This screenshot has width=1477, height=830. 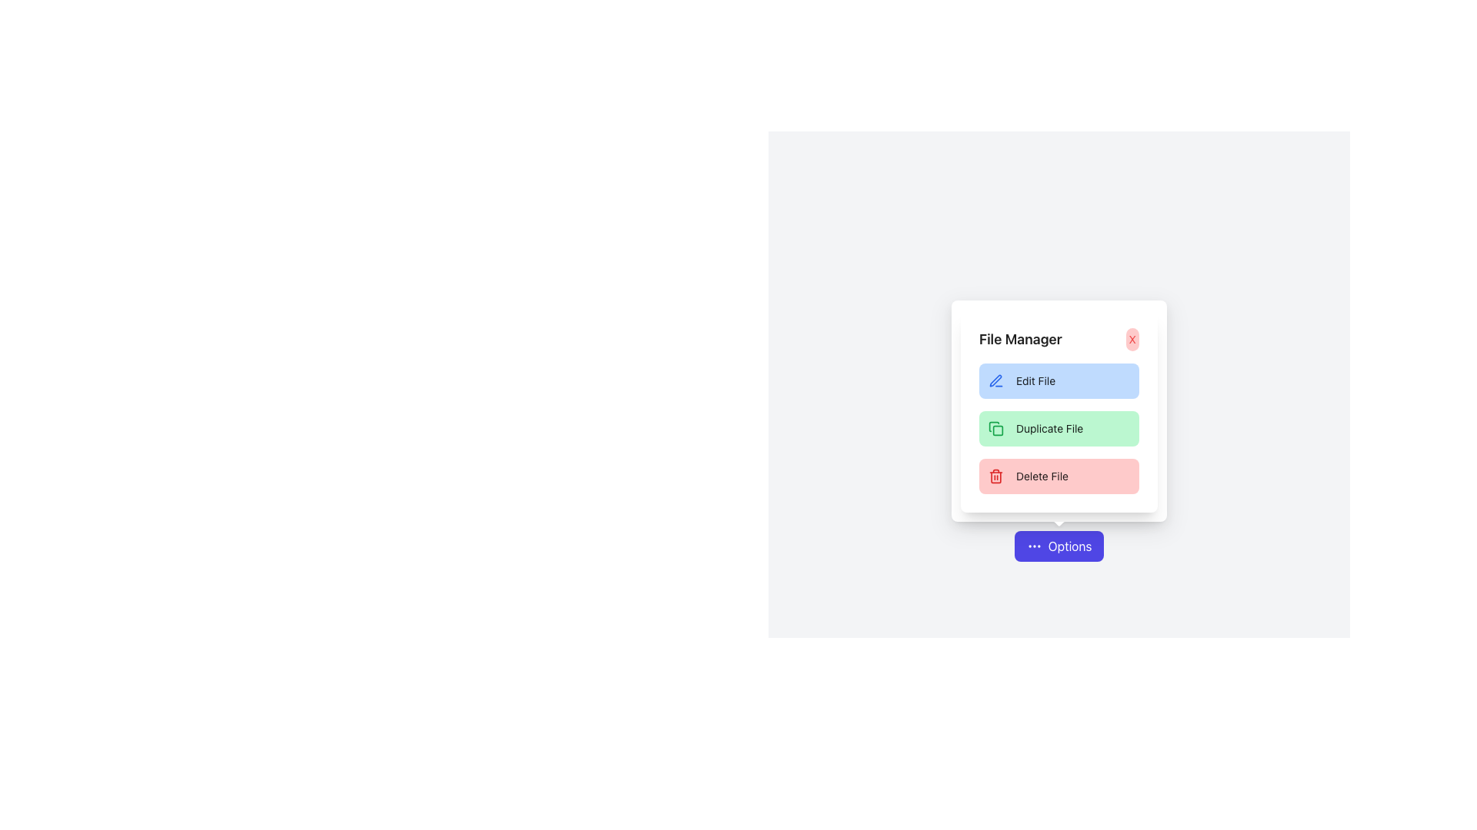 What do you see at coordinates (1059, 545) in the screenshot?
I see `the interactive button located at the bottom center of the 'File Manager' modal` at bounding box center [1059, 545].